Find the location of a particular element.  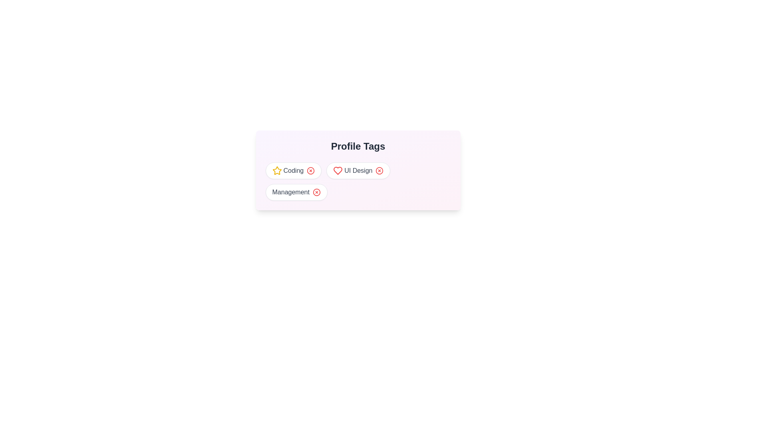

the tag Coding to observe its visual effects is located at coordinates (293, 170).